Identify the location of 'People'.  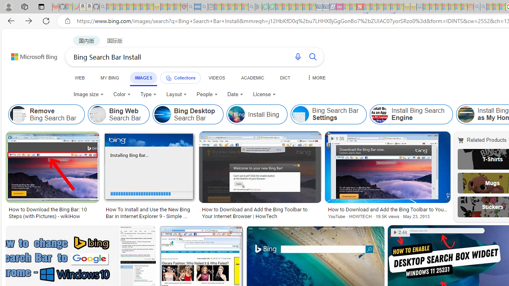
(207, 94).